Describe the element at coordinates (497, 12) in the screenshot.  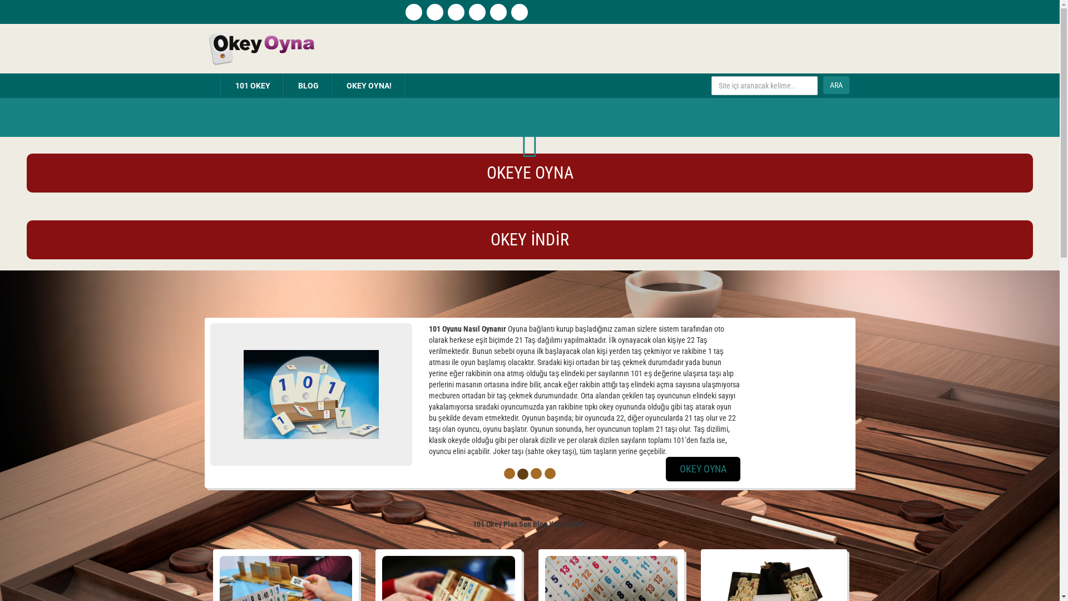
I see `'Google+ Abone Olun'` at that location.